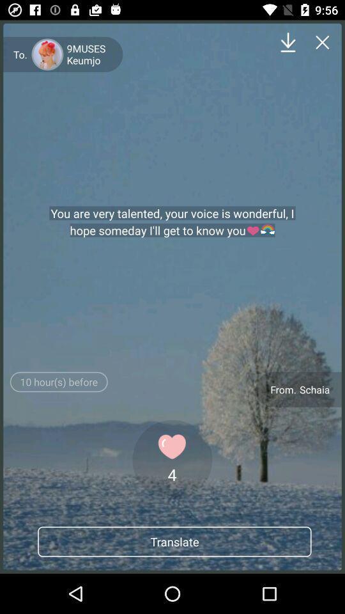 The height and width of the screenshot is (614, 345). I want to click on the translate icon, so click(174, 541).